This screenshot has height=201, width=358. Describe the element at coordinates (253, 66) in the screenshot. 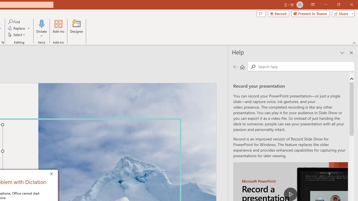

I see `'Search'` at that location.